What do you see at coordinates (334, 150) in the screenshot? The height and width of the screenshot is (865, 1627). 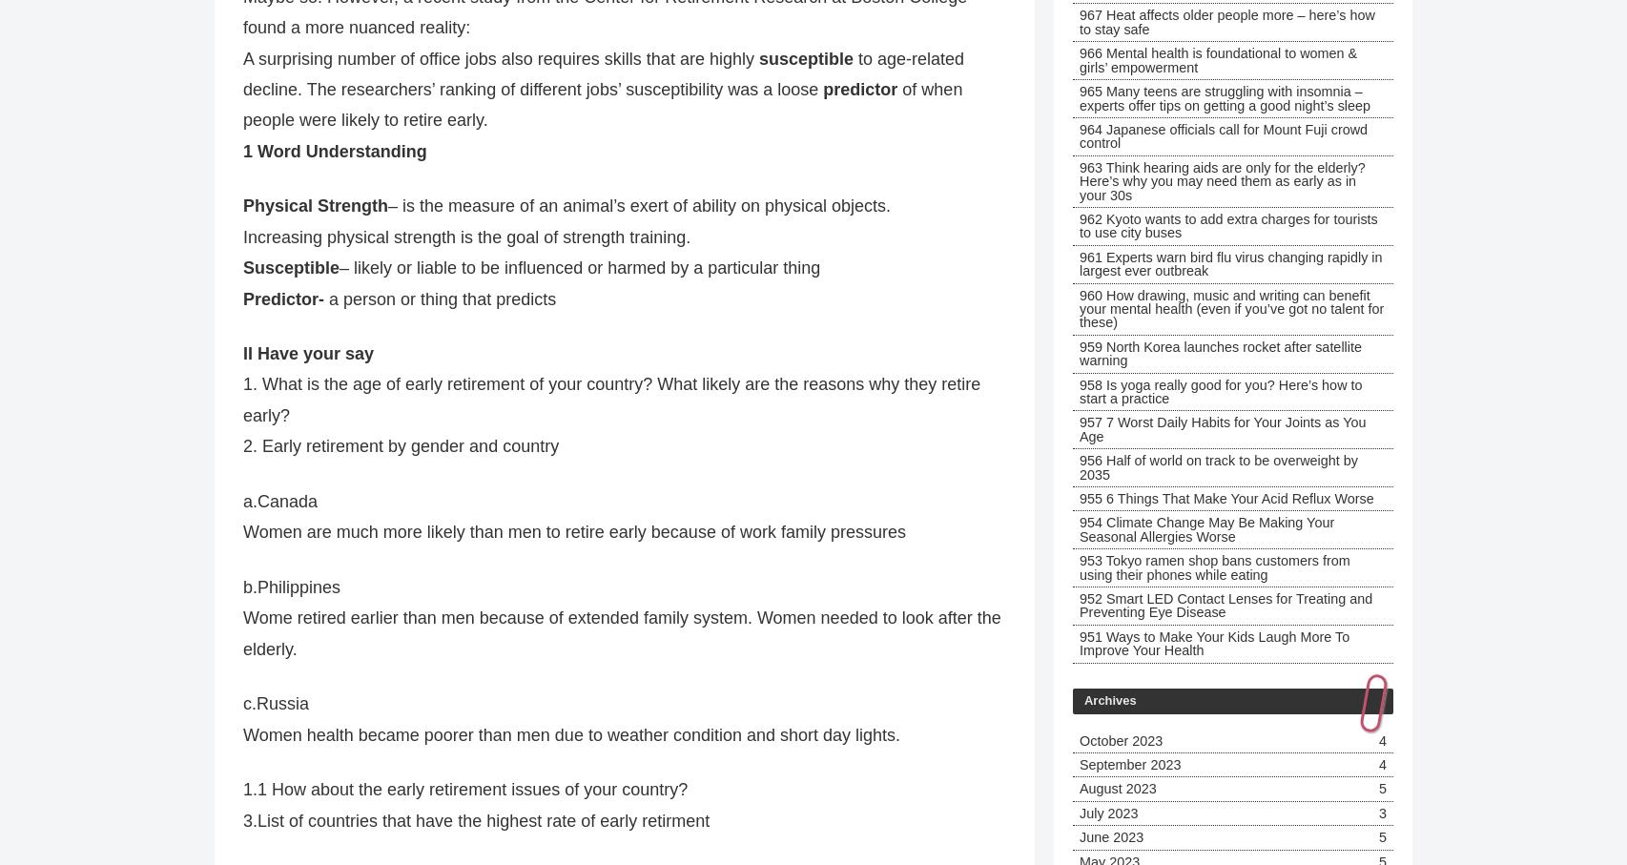 I see `'1 Word Understanding'` at bounding box center [334, 150].